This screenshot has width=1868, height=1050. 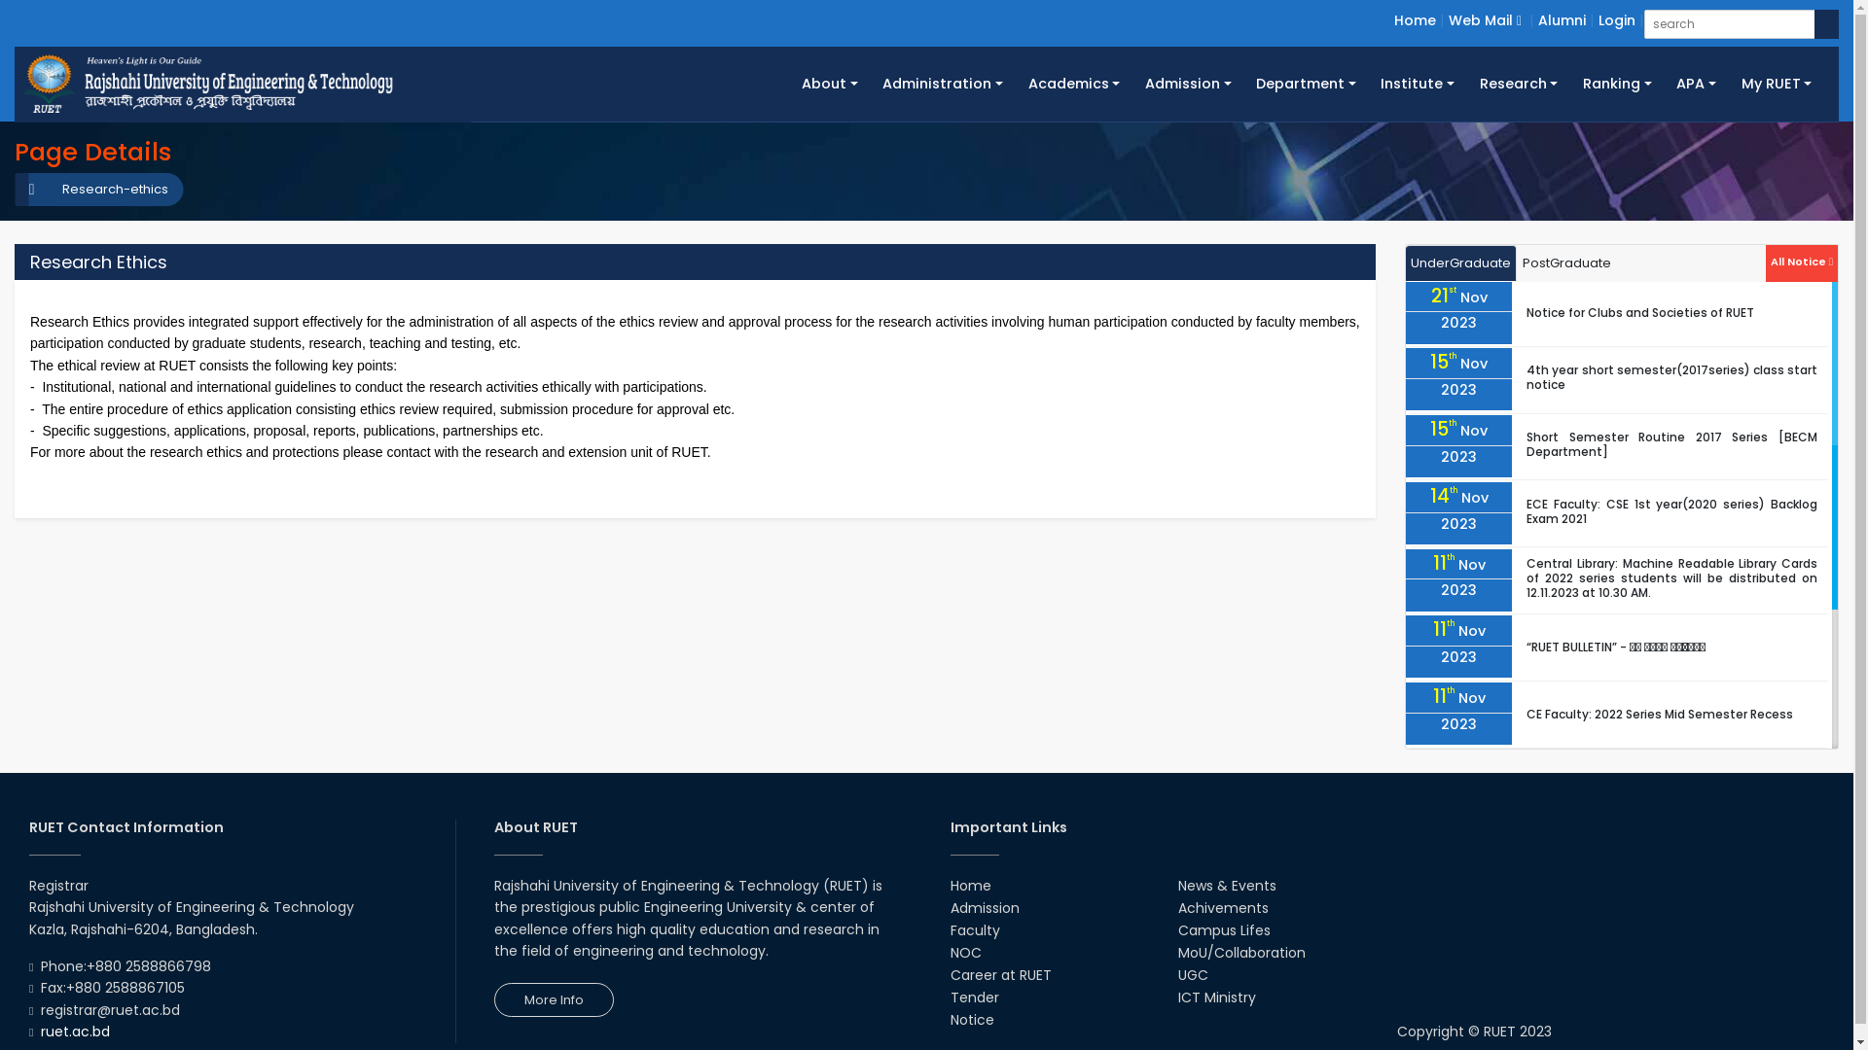 I want to click on 'News & Events', so click(x=1176, y=885).